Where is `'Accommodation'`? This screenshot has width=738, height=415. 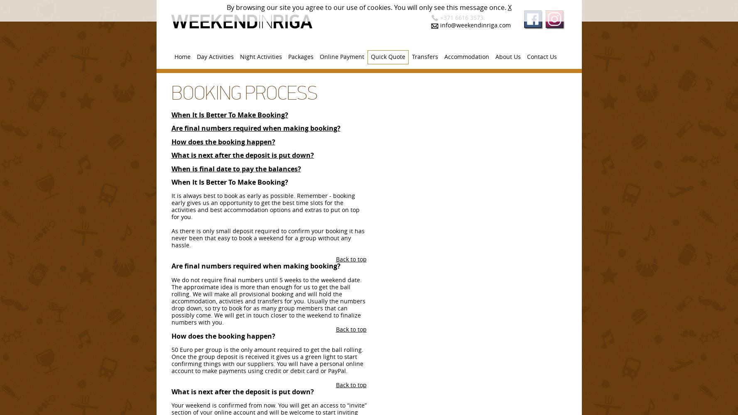
'Accommodation' is located at coordinates (466, 56).